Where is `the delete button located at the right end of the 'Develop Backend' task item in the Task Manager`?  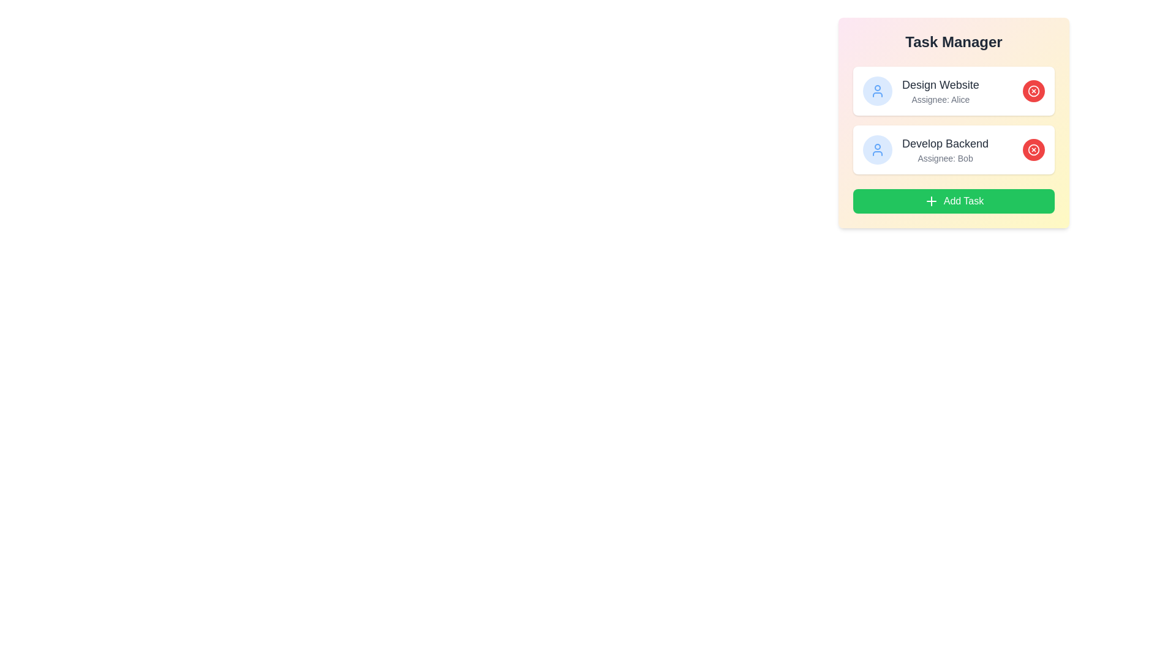 the delete button located at the right end of the 'Develop Backend' task item in the Task Manager is located at coordinates (1033, 149).